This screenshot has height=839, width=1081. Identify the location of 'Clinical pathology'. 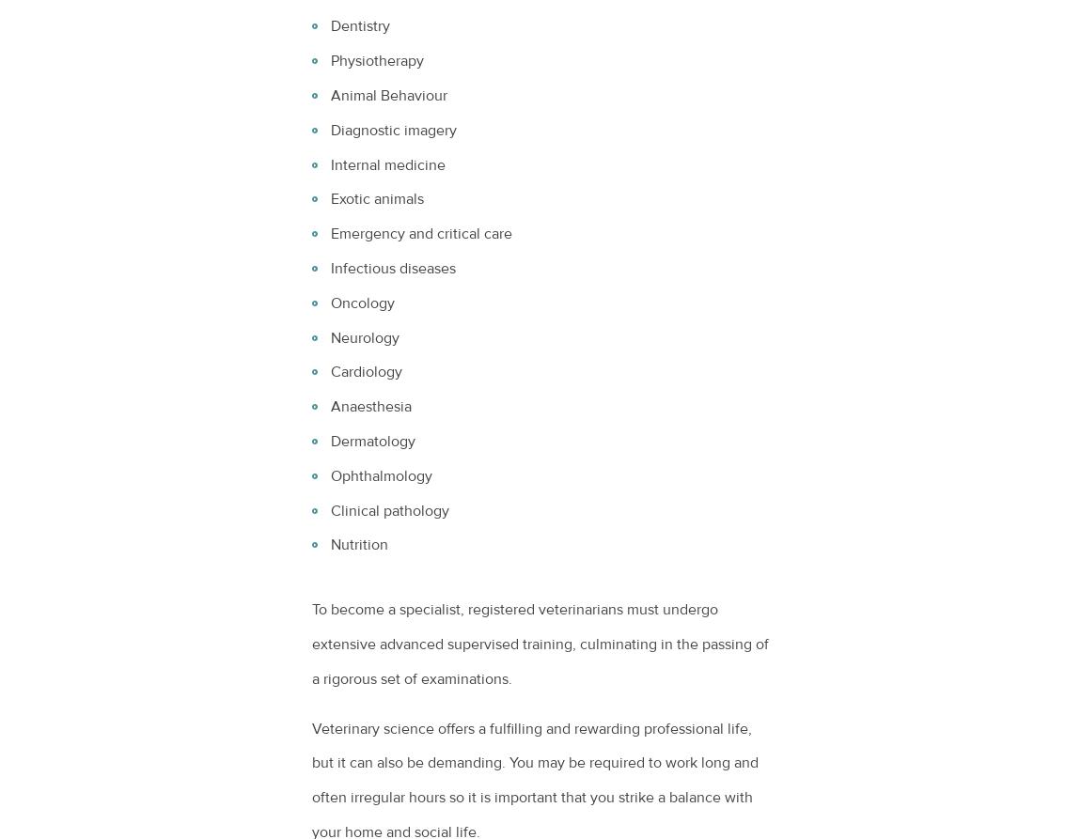
(390, 509).